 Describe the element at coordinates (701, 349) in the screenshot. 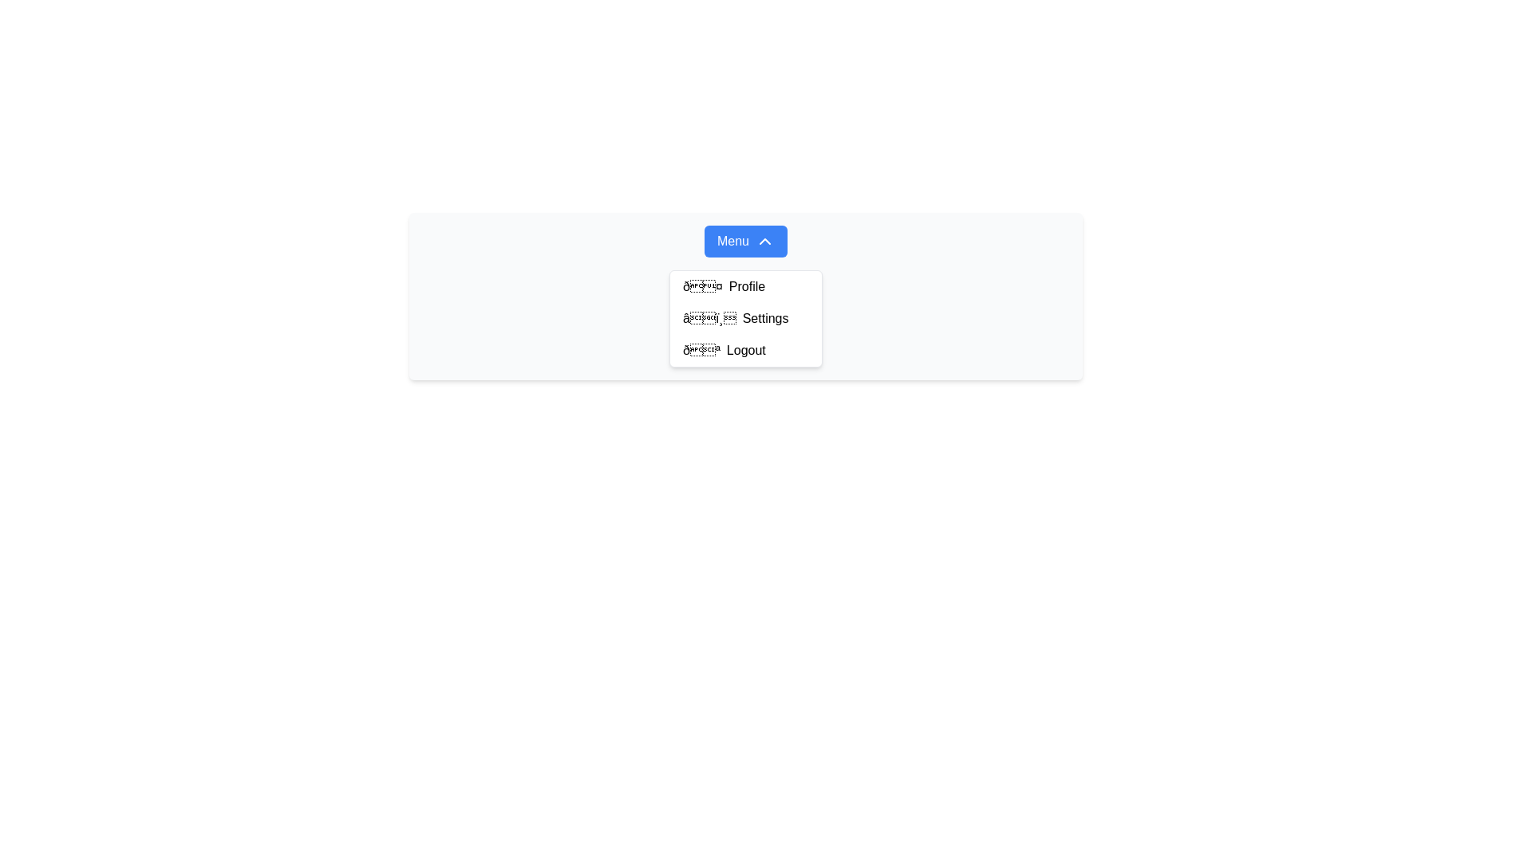

I see `the emoji icon representing the 'Logout' functionality located in the third row of the dropdown menu, immediately to the left of the 'Logout' label` at that location.